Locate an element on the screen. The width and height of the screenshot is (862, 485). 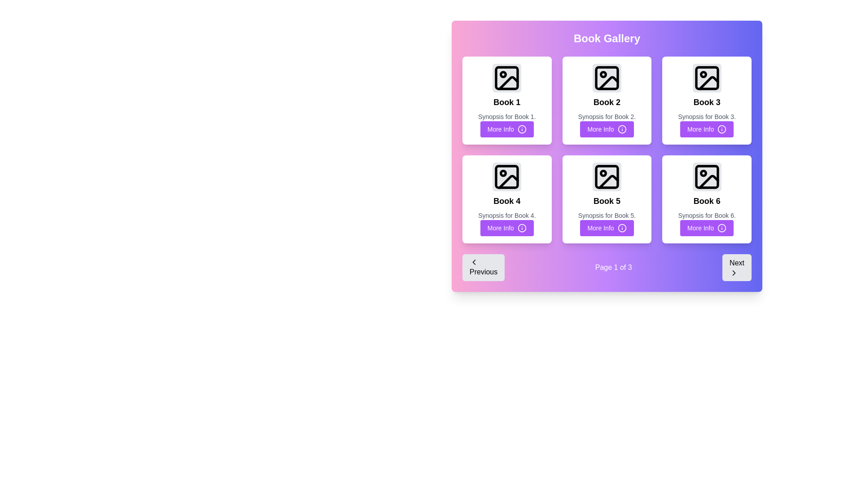
the text label that provides a description for 'Book 6' located below the title and above the 'More Info' button to read details is located at coordinates (706, 215).